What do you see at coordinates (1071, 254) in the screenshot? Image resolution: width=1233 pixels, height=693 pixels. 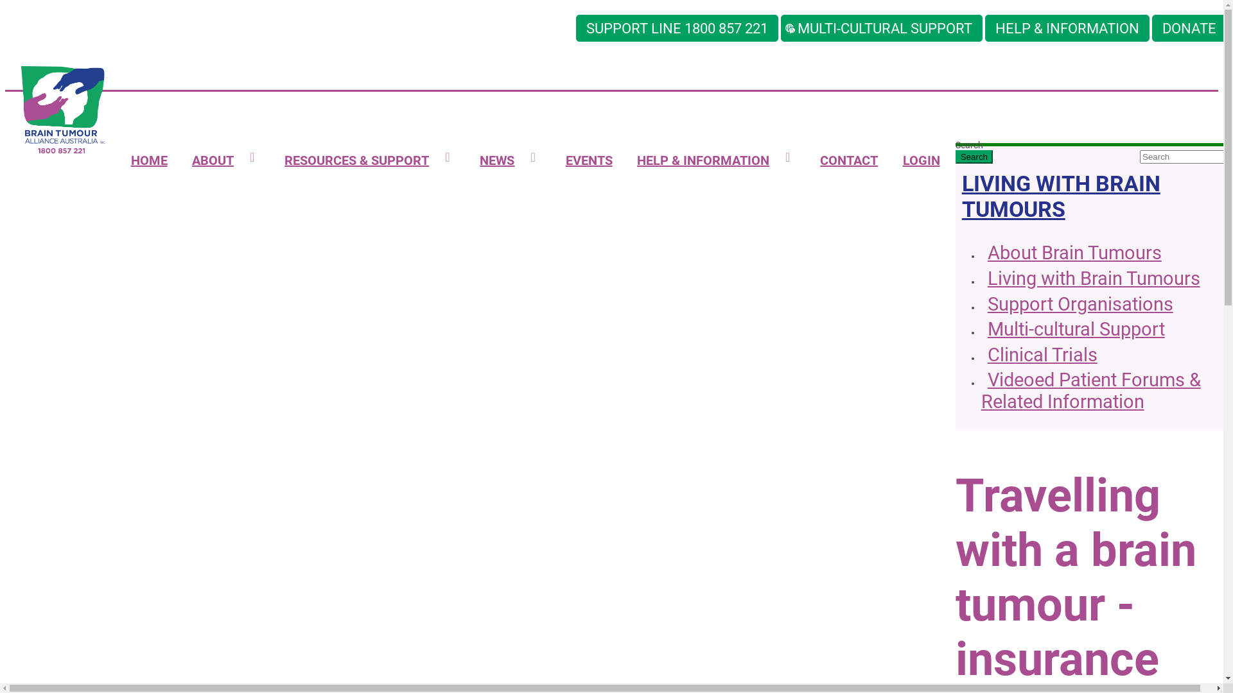 I see `'About Brain Tumours'` at bounding box center [1071, 254].